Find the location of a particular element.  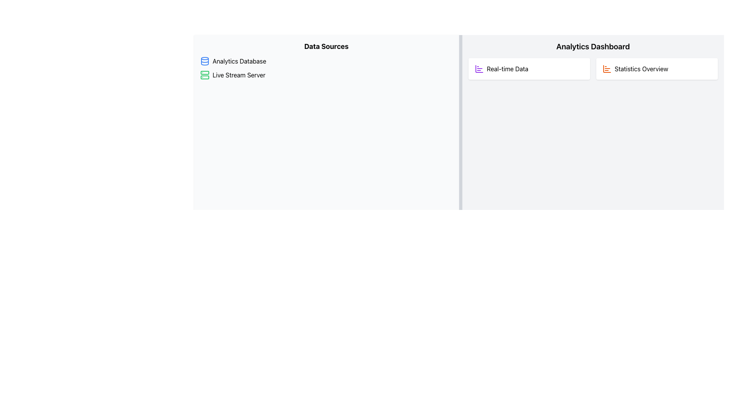

the blue elliptical SVG component at the top of the database icon next to the 'Analytics Database' label in the 'Data Sources' section is located at coordinates (205, 58).